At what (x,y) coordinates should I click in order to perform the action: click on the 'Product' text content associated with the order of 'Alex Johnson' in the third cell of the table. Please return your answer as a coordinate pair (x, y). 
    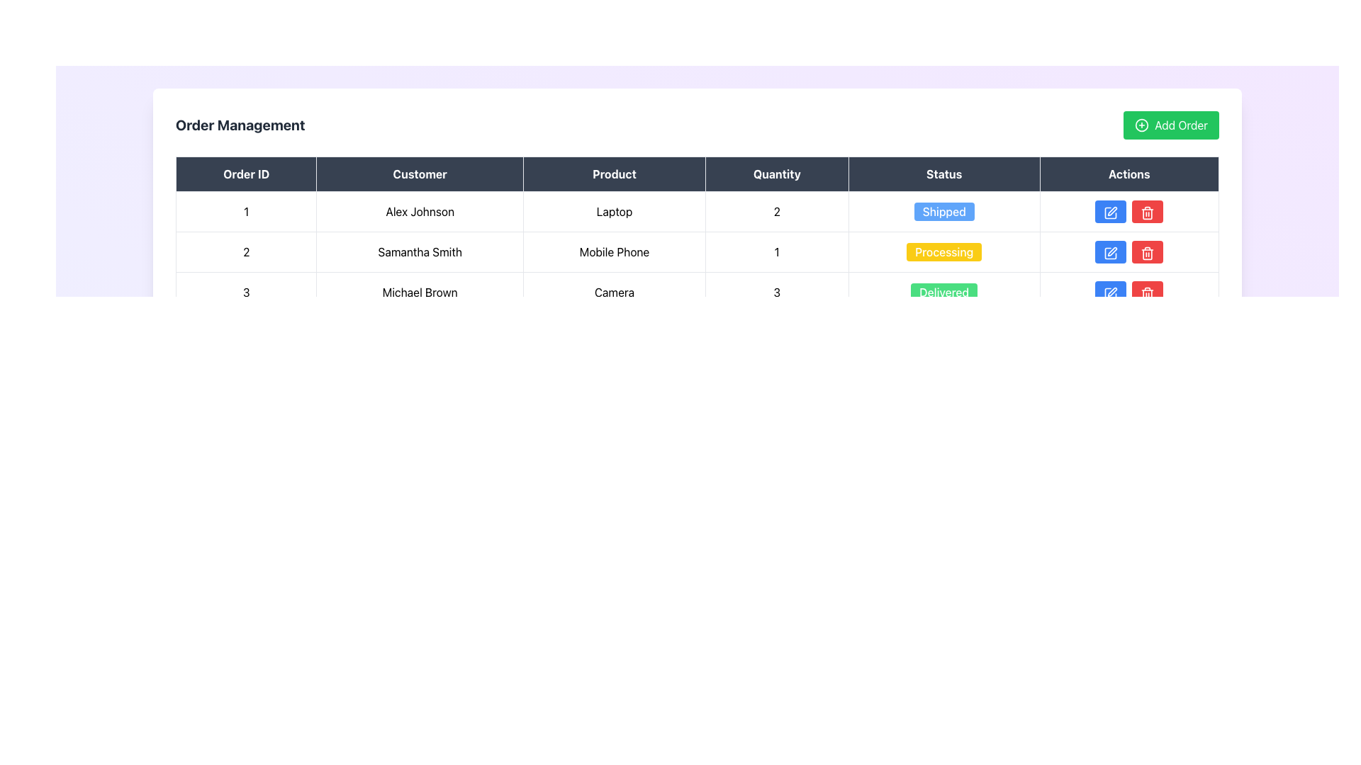
    Looking at the image, I should click on (615, 212).